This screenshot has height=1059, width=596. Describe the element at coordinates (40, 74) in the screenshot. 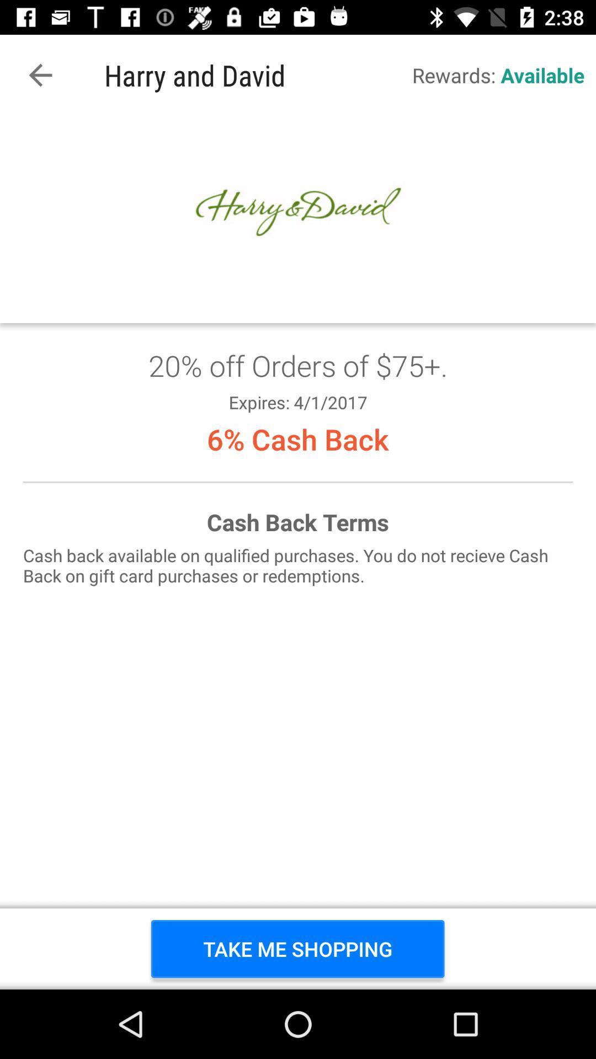

I see `item to the left of the harry and david item` at that location.